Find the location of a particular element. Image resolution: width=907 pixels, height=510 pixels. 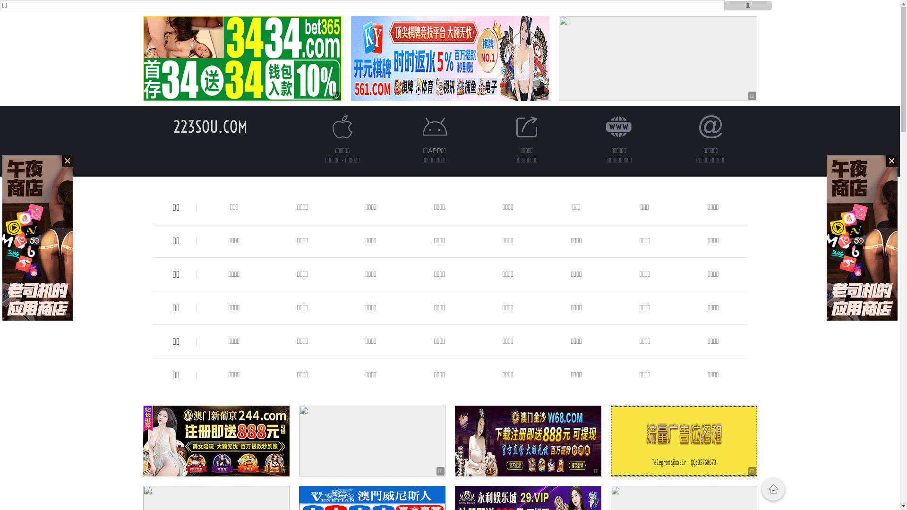

'223SOU.COM' is located at coordinates (210, 126).